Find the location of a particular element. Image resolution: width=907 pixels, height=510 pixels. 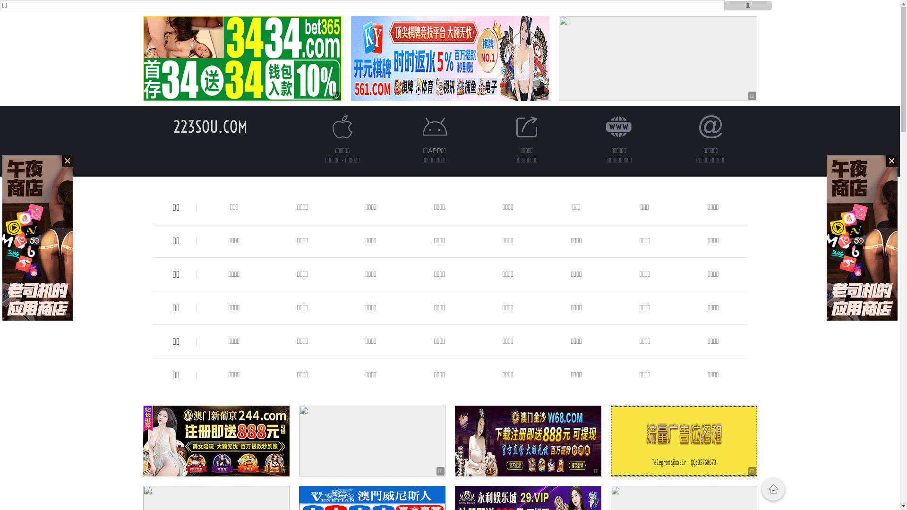

'223SOU.COM' is located at coordinates (210, 126).